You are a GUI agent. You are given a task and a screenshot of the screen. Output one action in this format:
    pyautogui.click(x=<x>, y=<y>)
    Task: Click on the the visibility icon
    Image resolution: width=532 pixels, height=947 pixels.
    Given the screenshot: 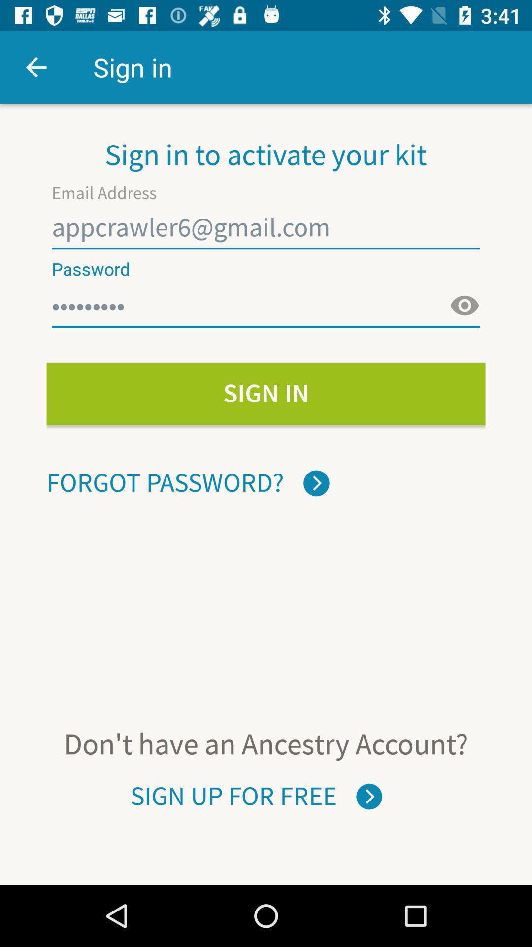 What is the action you would take?
    pyautogui.click(x=465, y=305)
    